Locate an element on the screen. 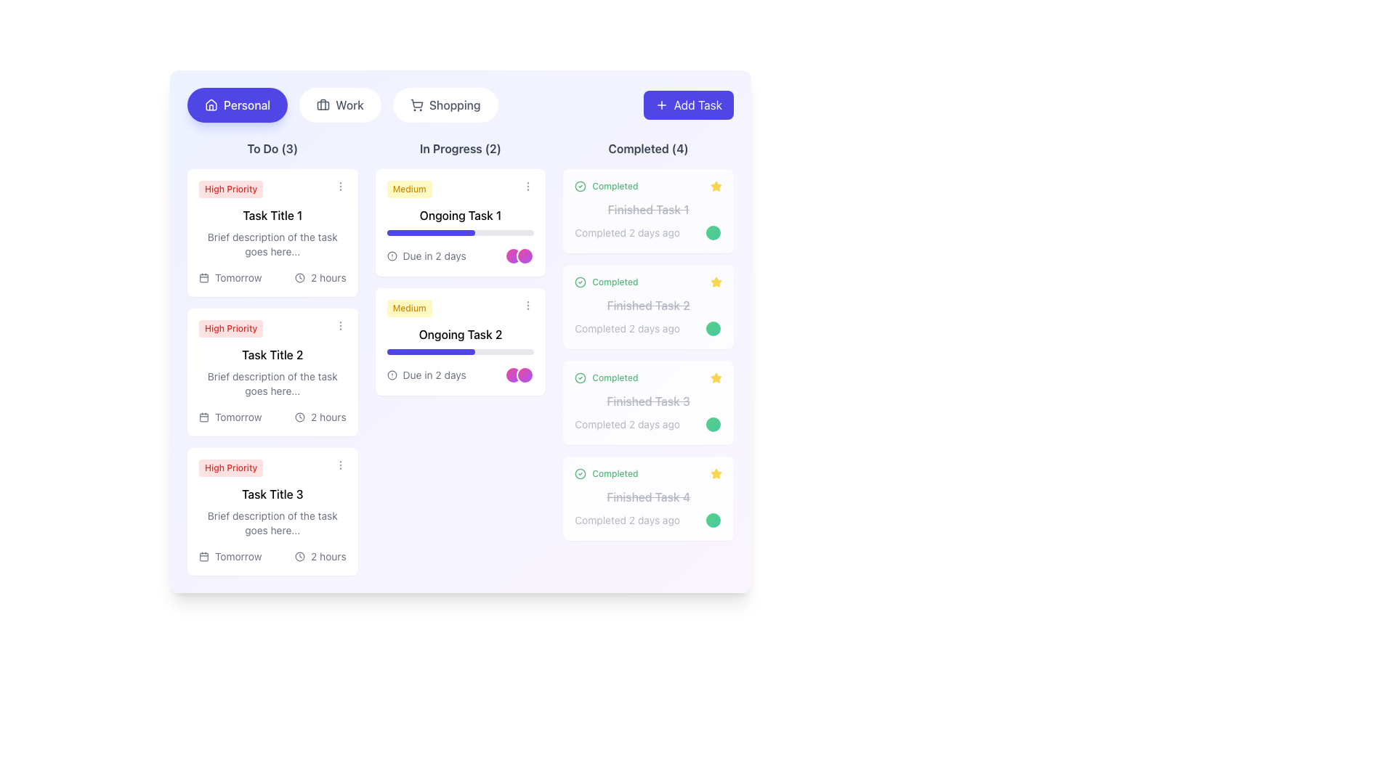 This screenshot has height=784, width=1395. the informational feedback text about the completion time of the task located in the 'Completed (4)' section of the interface, specifically under the 'Finished Task 2' task card and to the left of a green circular icon is located at coordinates (647, 328).